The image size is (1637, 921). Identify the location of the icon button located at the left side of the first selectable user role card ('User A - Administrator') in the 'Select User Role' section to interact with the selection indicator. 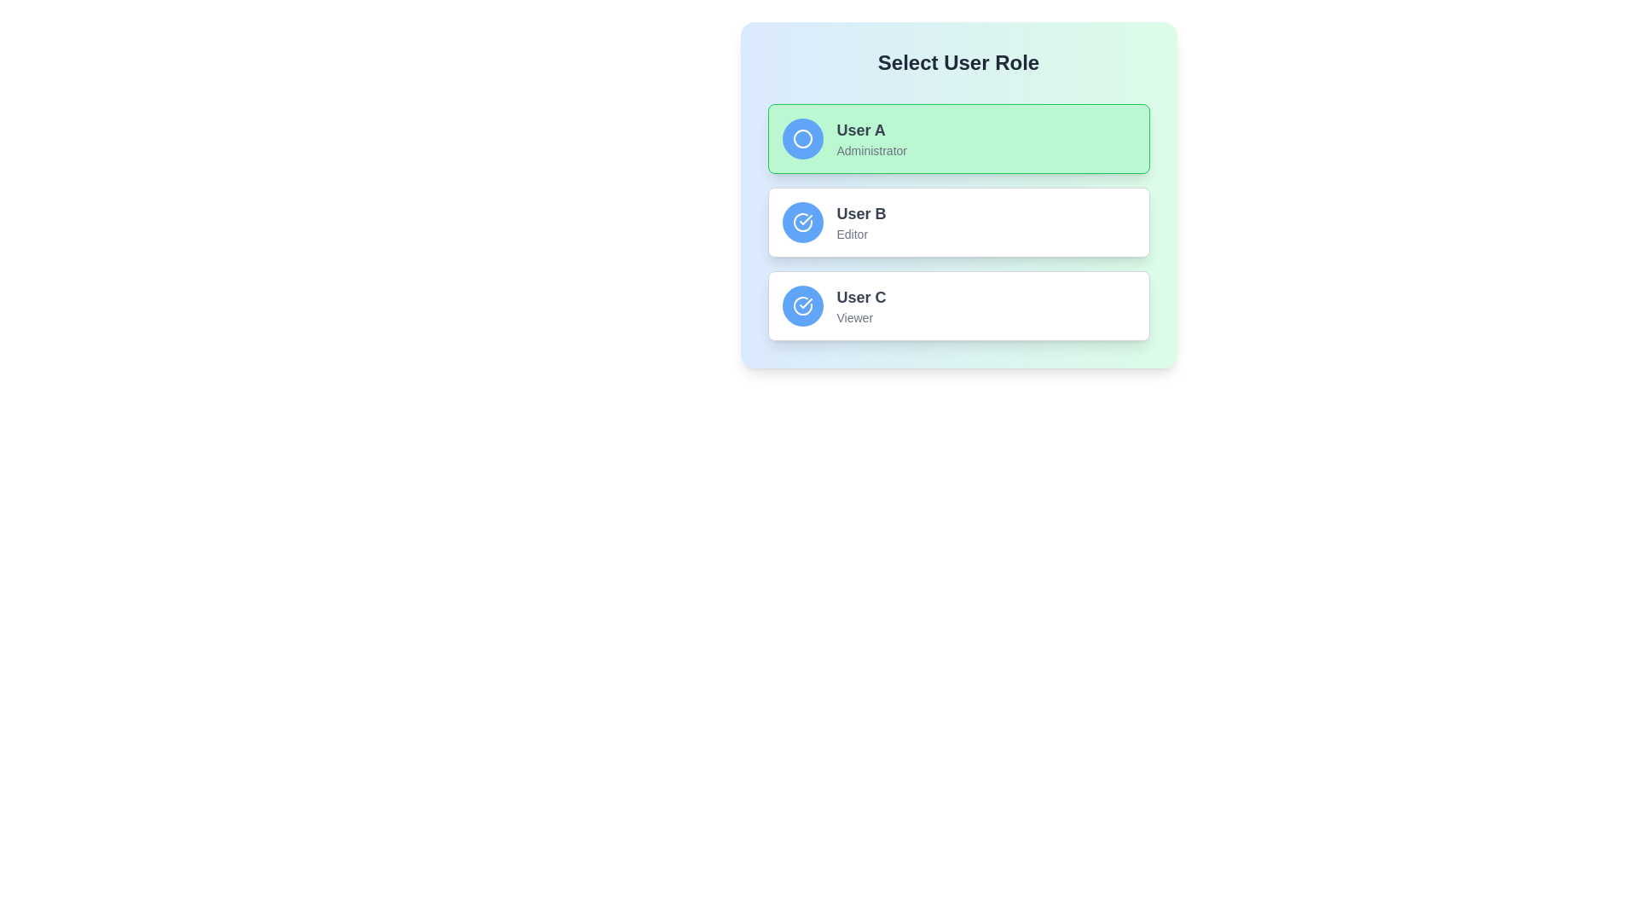
(801, 137).